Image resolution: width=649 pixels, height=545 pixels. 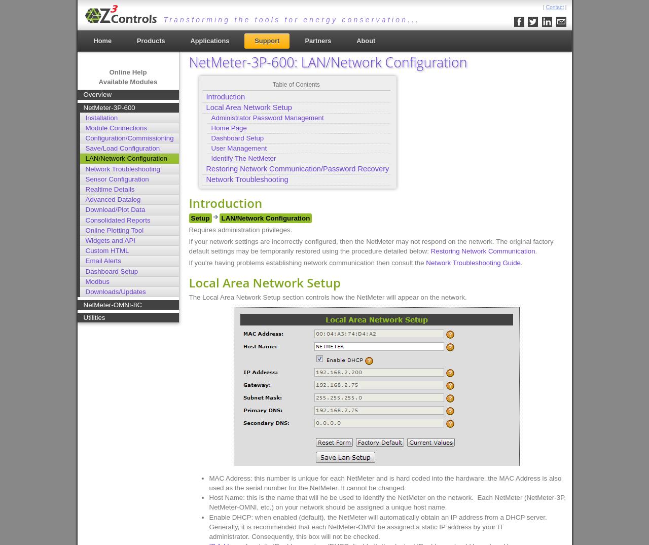 What do you see at coordinates (210, 148) in the screenshot?
I see `'User Management'` at bounding box center [210, 148].